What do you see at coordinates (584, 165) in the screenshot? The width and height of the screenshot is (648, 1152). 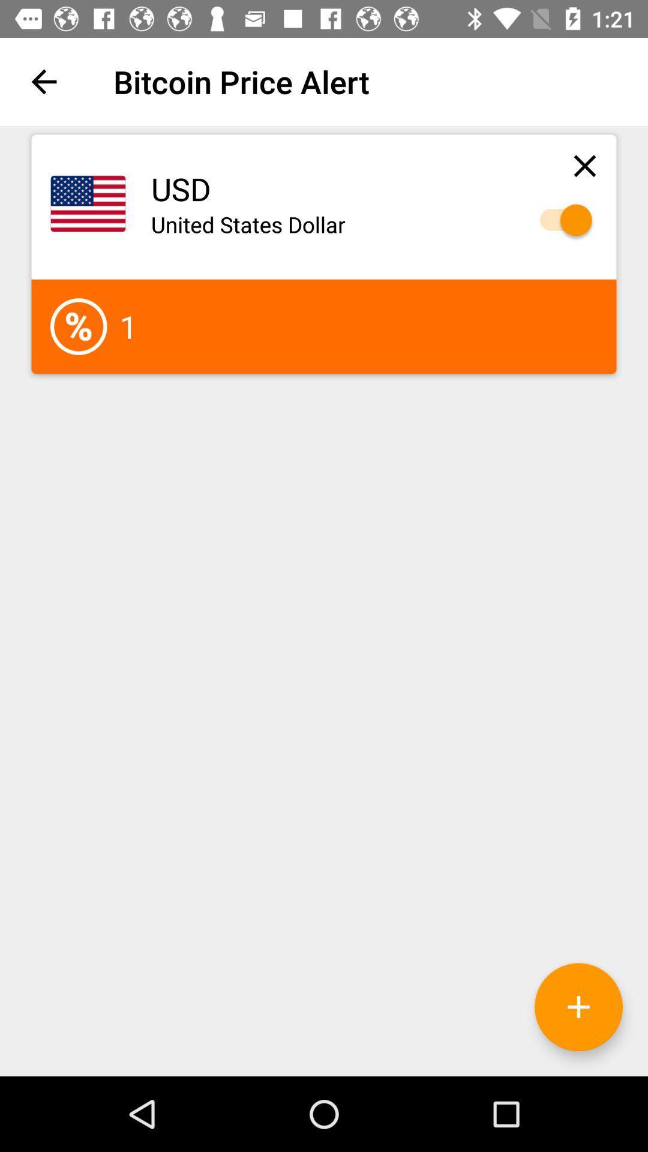 I see `page` at bounding box center [584, 165].